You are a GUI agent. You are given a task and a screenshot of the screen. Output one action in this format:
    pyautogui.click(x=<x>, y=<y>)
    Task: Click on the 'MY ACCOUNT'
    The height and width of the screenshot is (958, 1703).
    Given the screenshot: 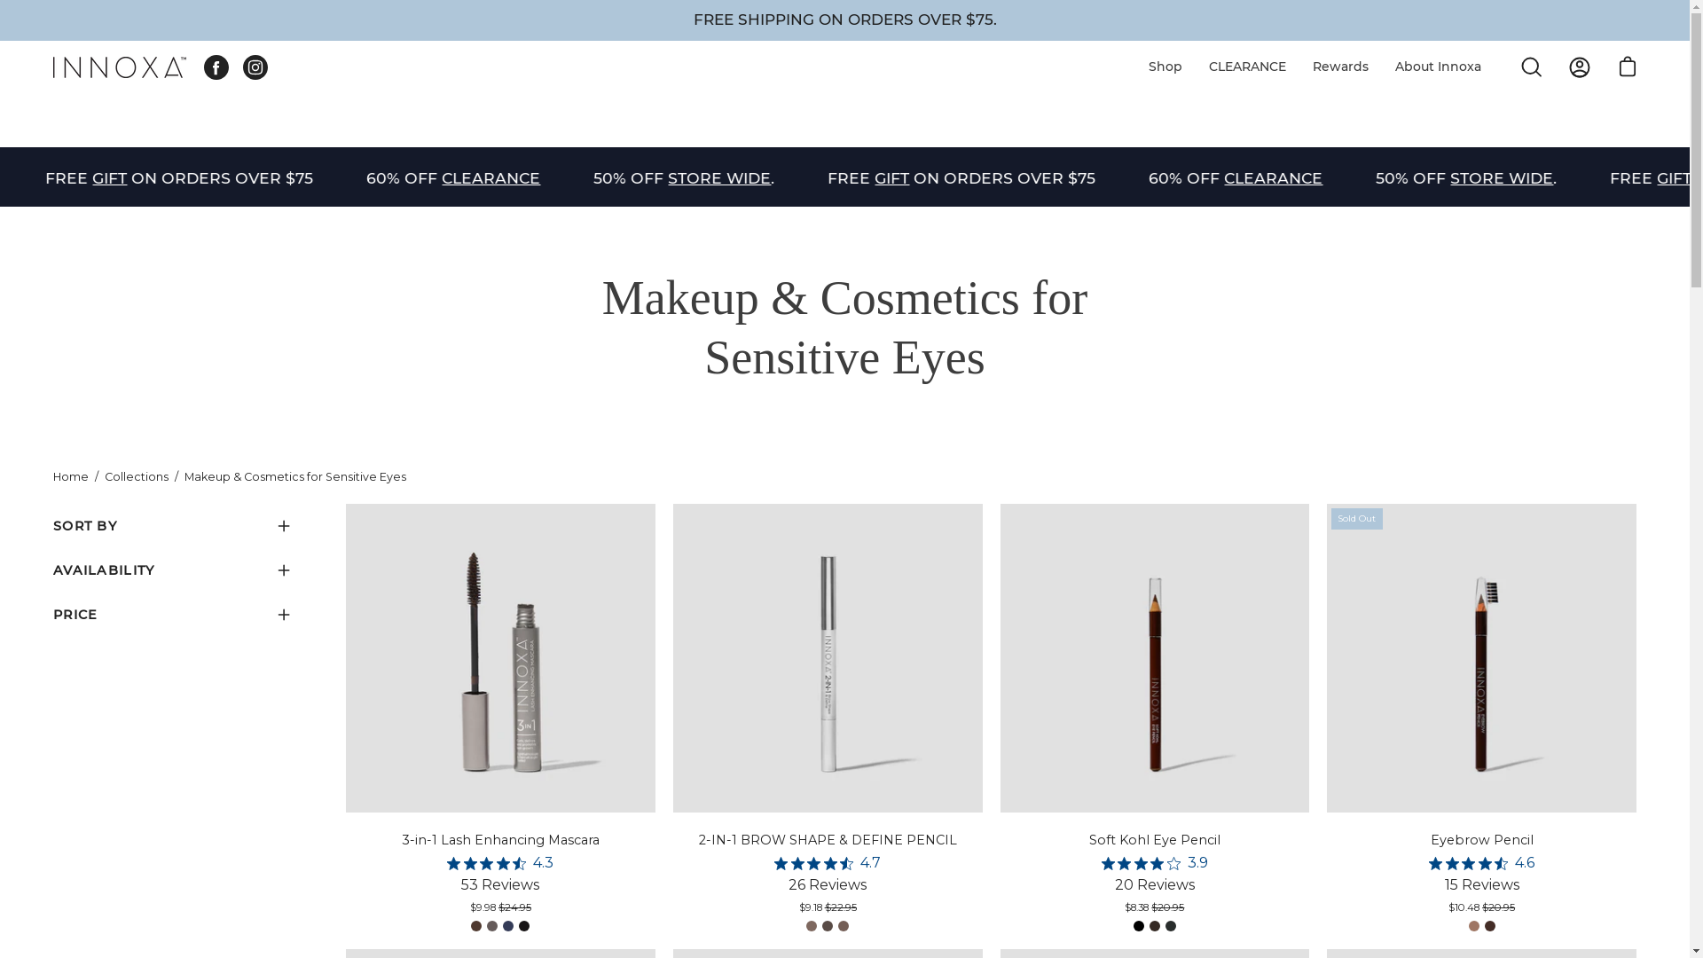 What is the action you would take?
    pyautogui.click(x=1579, y=67)
    